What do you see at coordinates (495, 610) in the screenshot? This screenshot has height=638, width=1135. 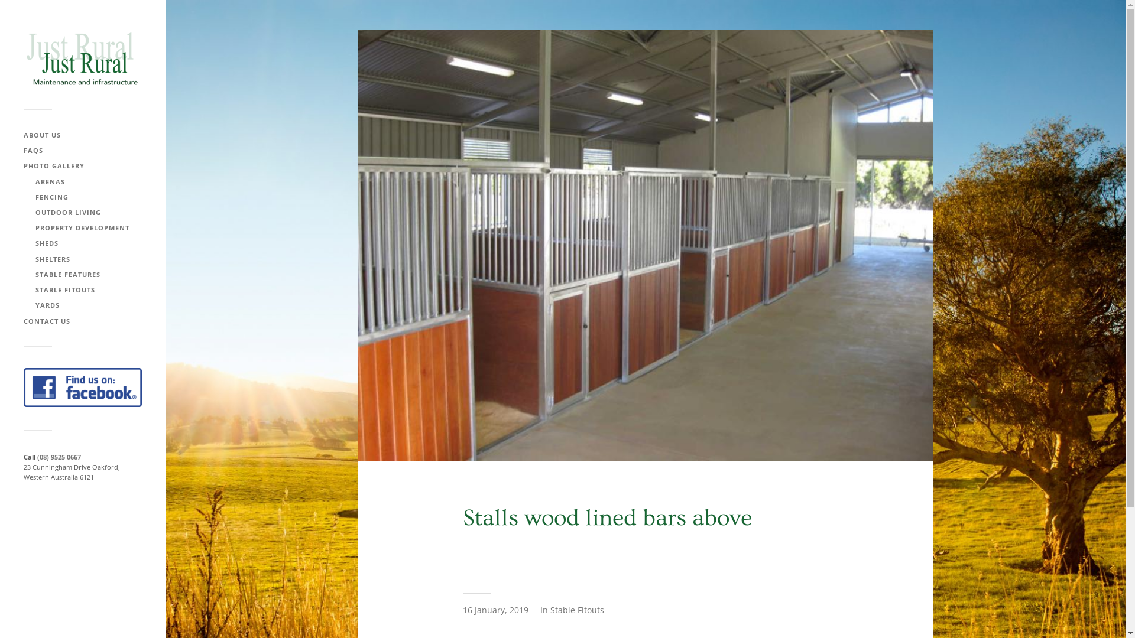 I see `'16 January, 2019'` at bounding box center [495, 610].